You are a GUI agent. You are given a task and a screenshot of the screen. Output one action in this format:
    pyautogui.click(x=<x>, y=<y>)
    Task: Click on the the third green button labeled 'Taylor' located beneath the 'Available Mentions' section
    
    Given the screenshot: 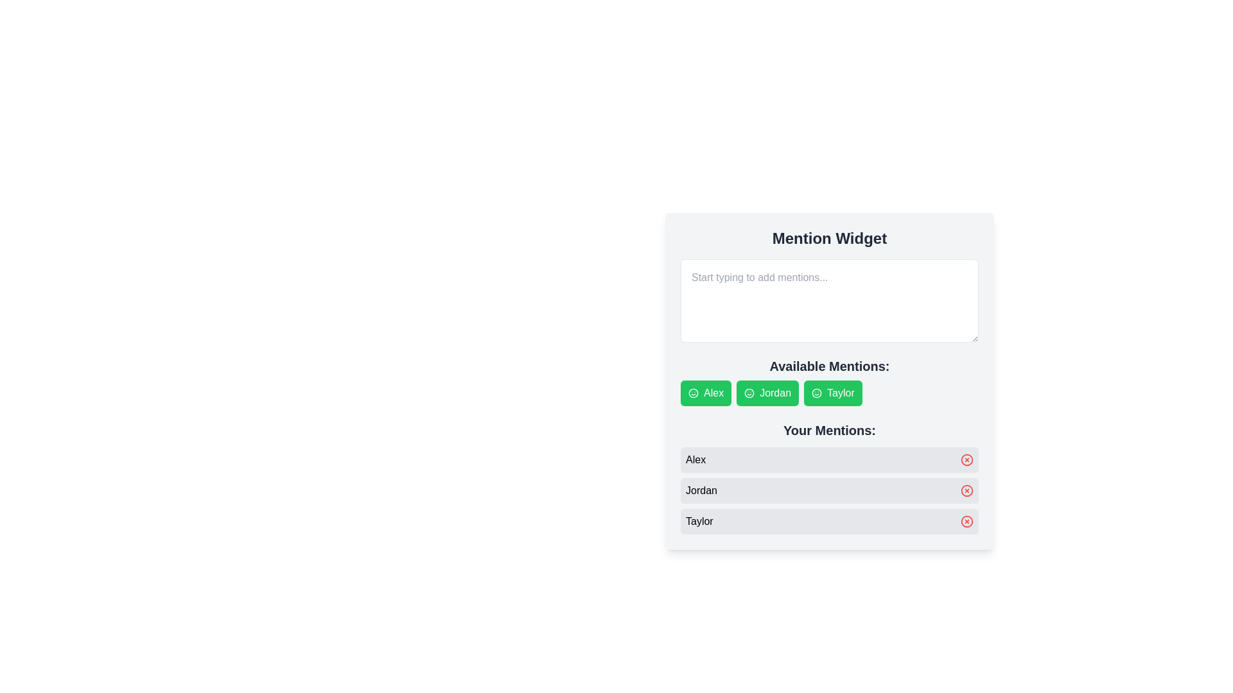 What is the action you would take?
    pyautogui.click(x=829, y=381)
    